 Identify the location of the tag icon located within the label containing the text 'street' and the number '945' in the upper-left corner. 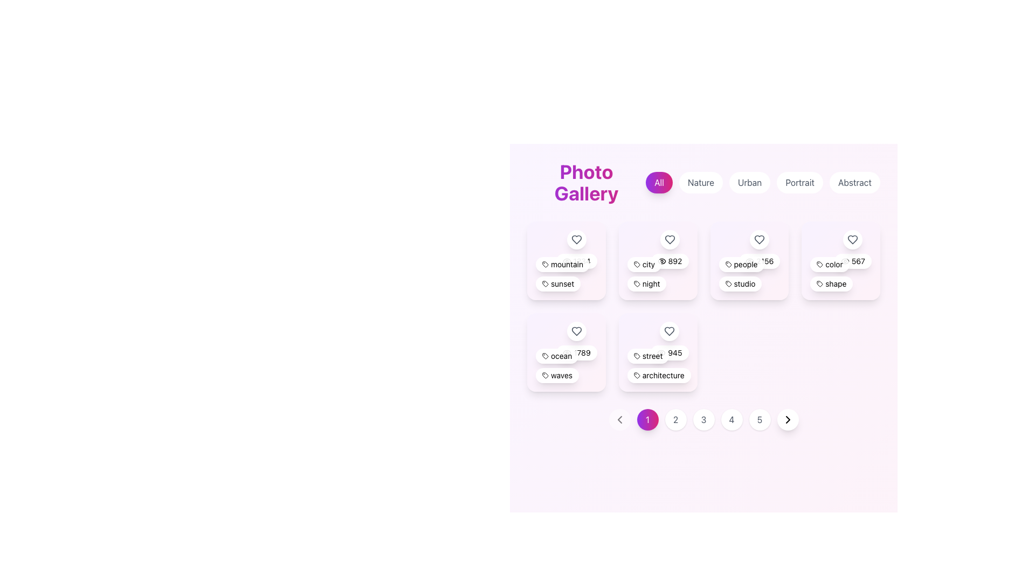
(637, 356).